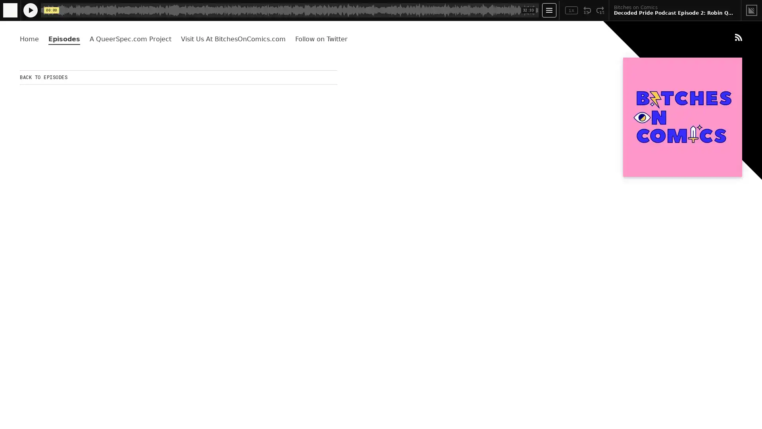 The width and height of the screenshot is (762, 429). I want to click on Play, so click(30, 10).